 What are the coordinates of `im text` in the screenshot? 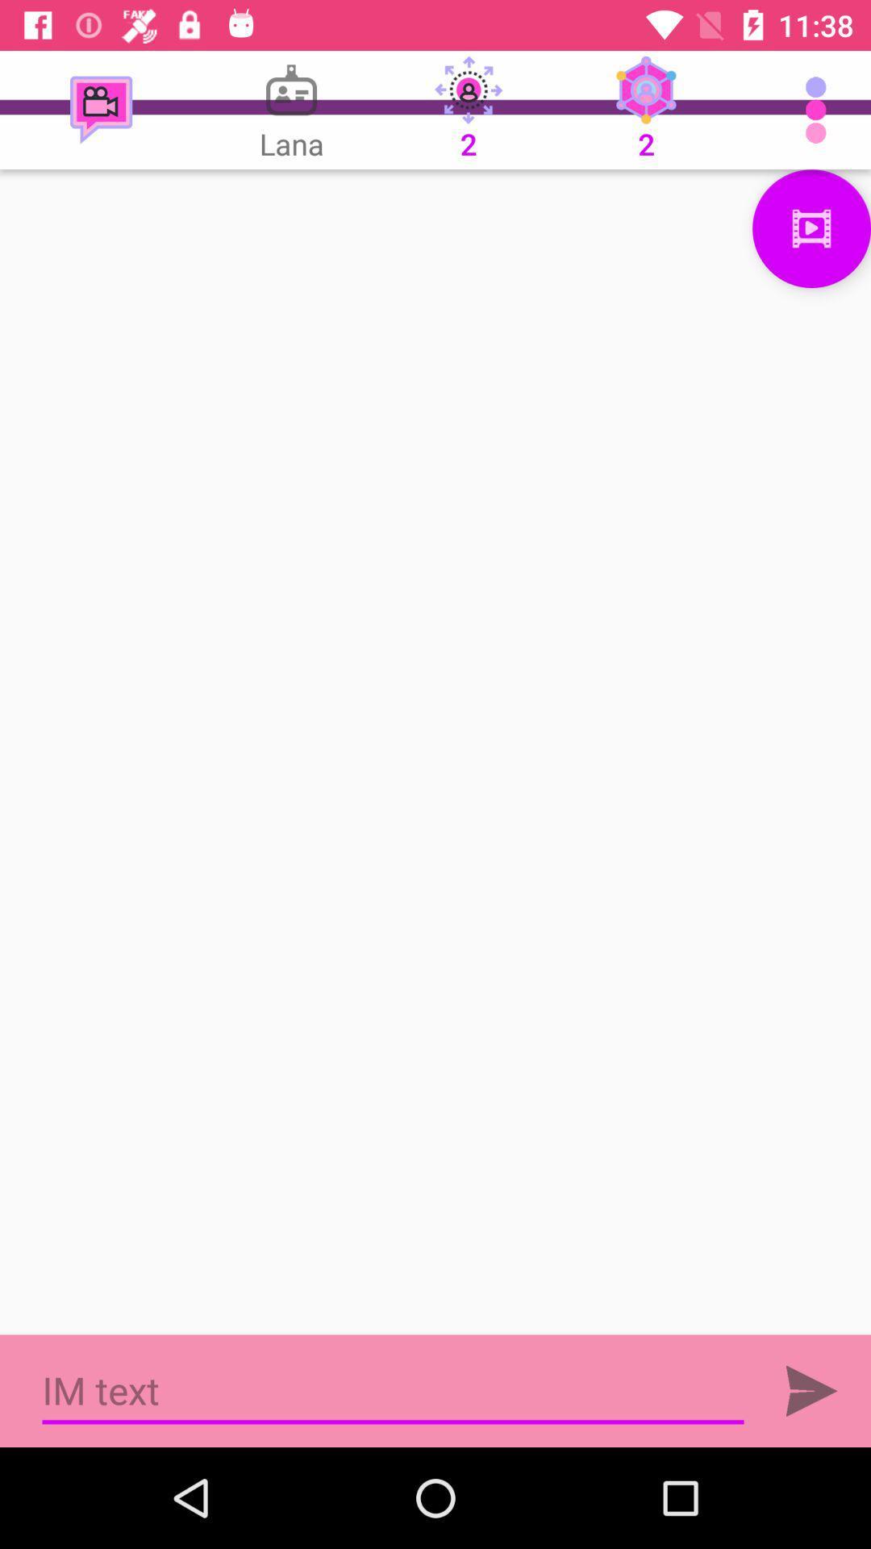 It's located at (393, 1390).